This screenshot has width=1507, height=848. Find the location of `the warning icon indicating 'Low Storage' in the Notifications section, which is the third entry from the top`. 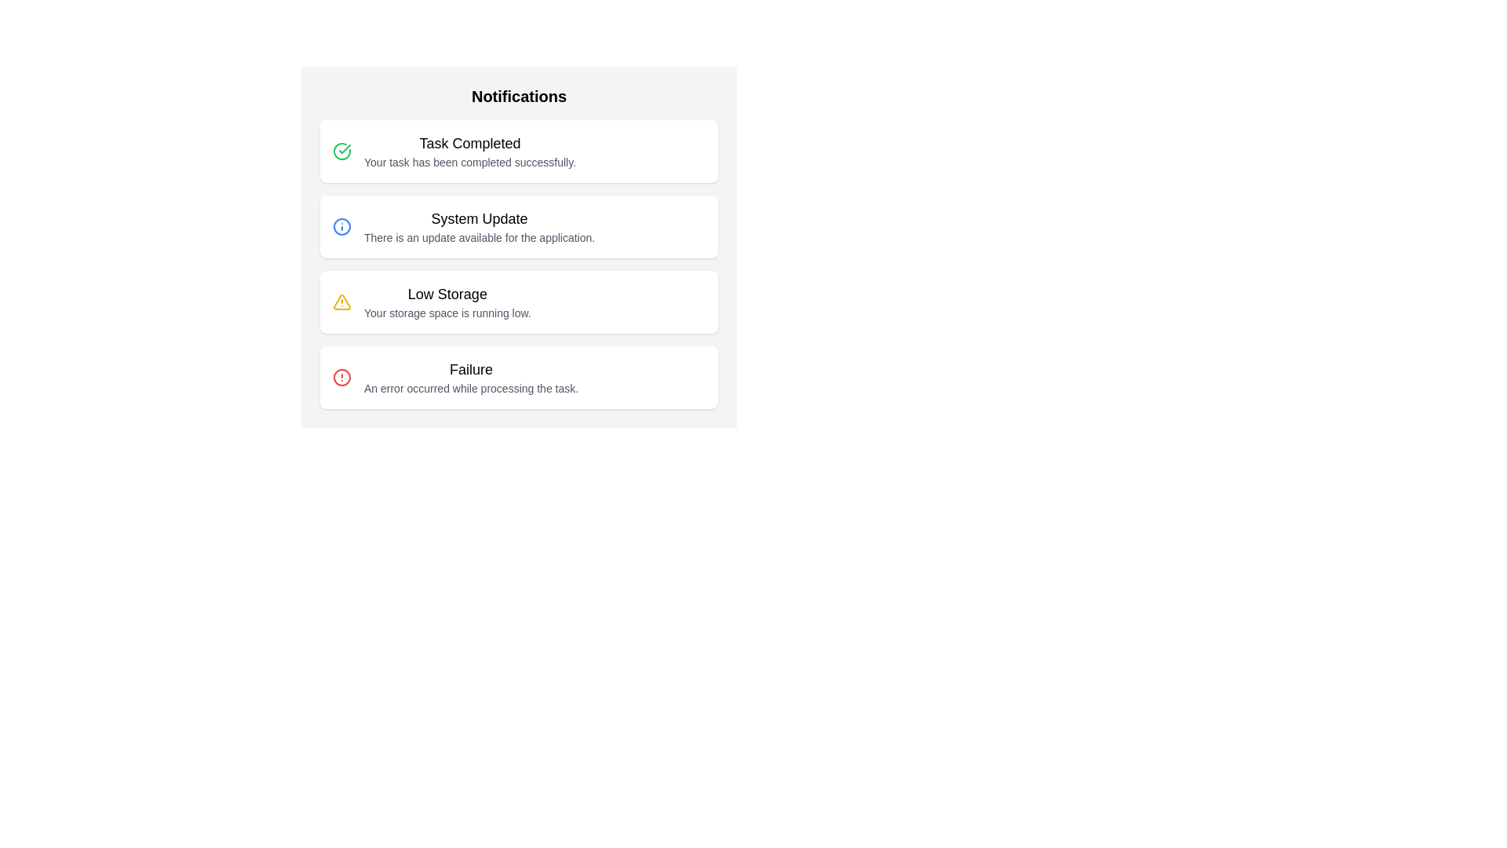

the warning icon indicating 'Low Storage' in the Notifications section, which is the third entry from the top is located at coordinates (341, 302).